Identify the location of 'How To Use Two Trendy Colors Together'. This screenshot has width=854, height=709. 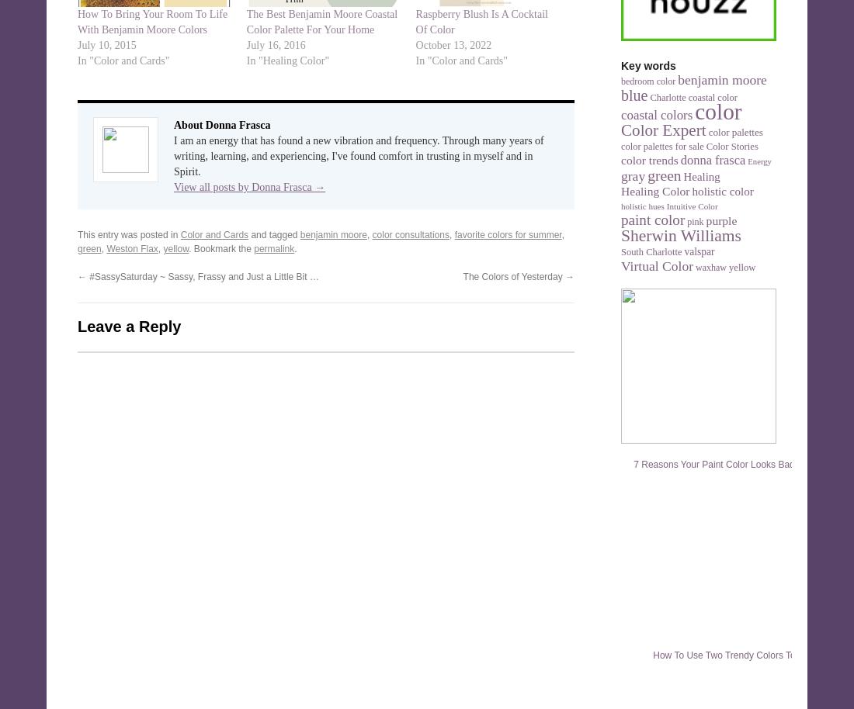
(651, 655).